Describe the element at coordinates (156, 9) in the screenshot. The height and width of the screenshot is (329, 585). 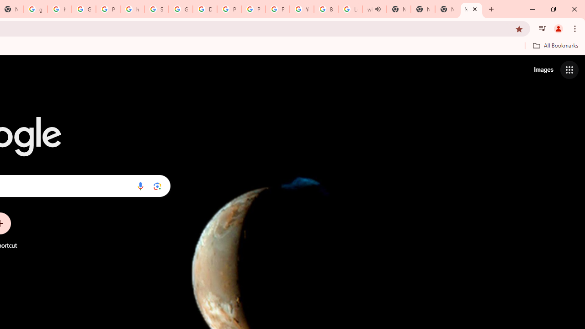
I see `'Sign in - Google Accounts'` at that location.